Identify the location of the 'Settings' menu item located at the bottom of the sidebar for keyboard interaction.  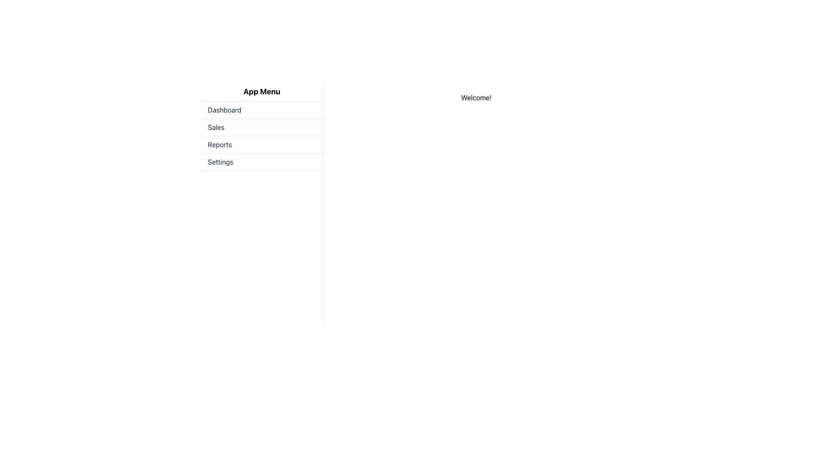
(261, 162).